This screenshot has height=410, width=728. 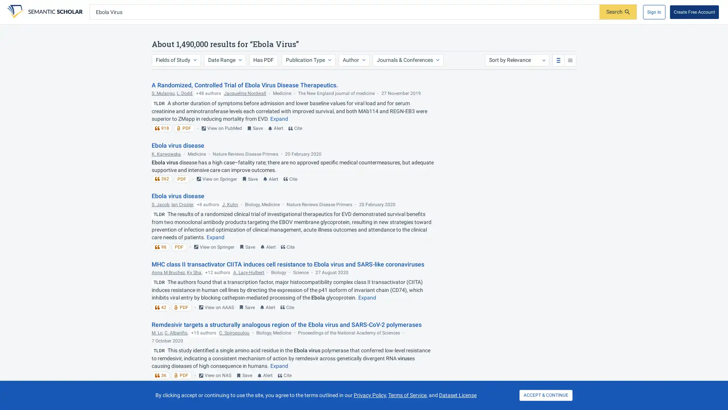 What do you see at coordinates (224, 60) in the screenshot?
I see `Date Range` at bounding box center [224, 60].